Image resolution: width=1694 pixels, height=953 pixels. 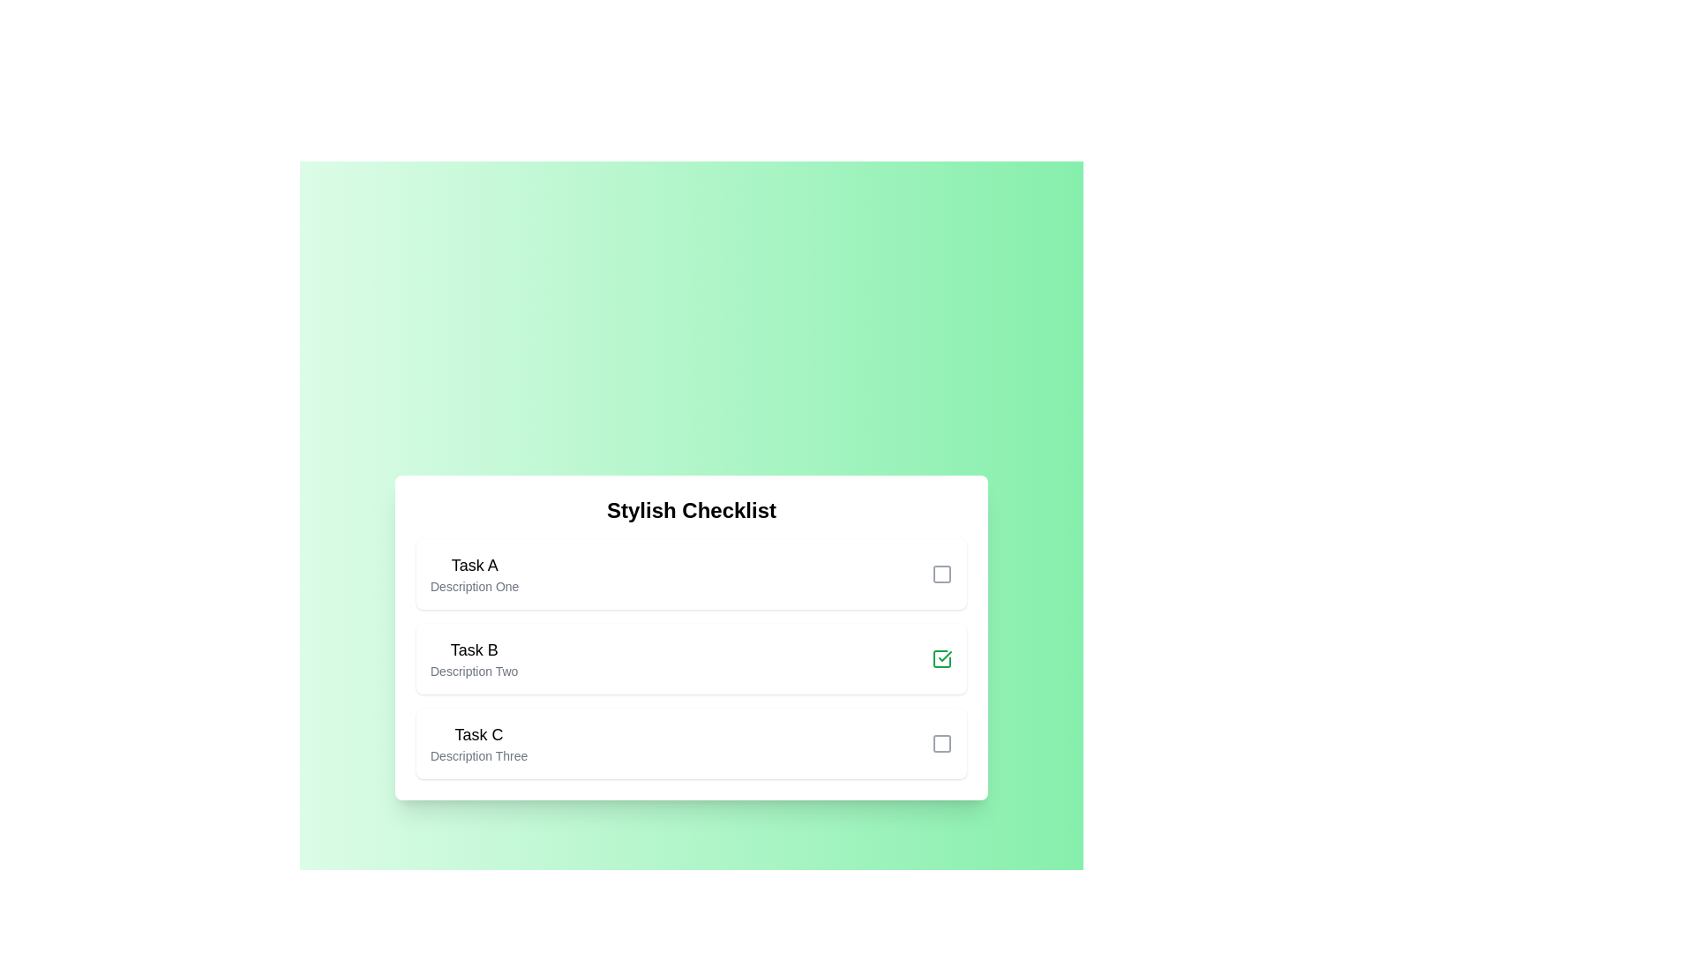 What do you see at coordinates (690, 574) in the screenshot?
I see `the task item labeled 'Task A'` at bounding box center [690, 574].